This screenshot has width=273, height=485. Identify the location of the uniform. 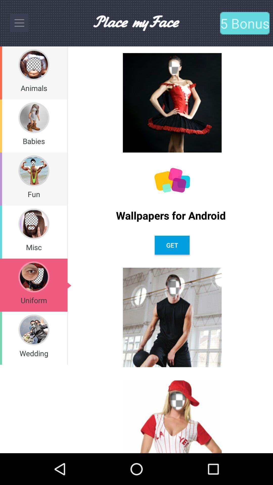
(34, 300).